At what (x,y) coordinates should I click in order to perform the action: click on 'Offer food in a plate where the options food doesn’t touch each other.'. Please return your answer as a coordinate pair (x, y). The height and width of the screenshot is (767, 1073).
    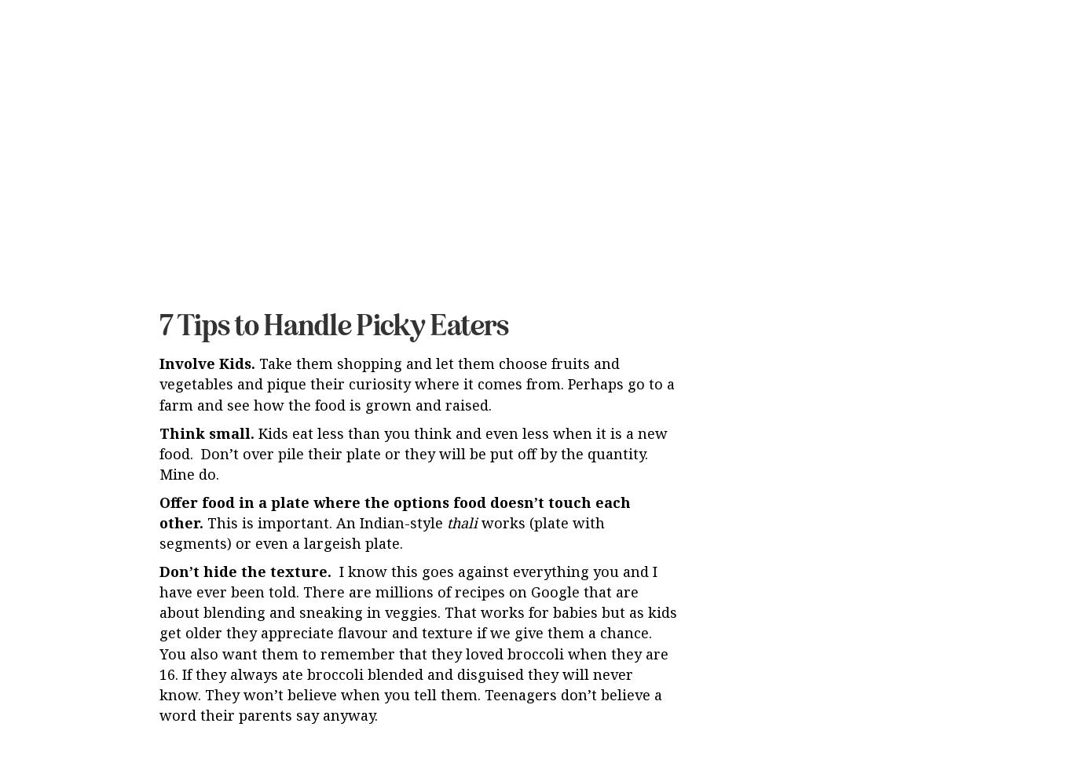
    Looking at the image, I should click on (394, 382).